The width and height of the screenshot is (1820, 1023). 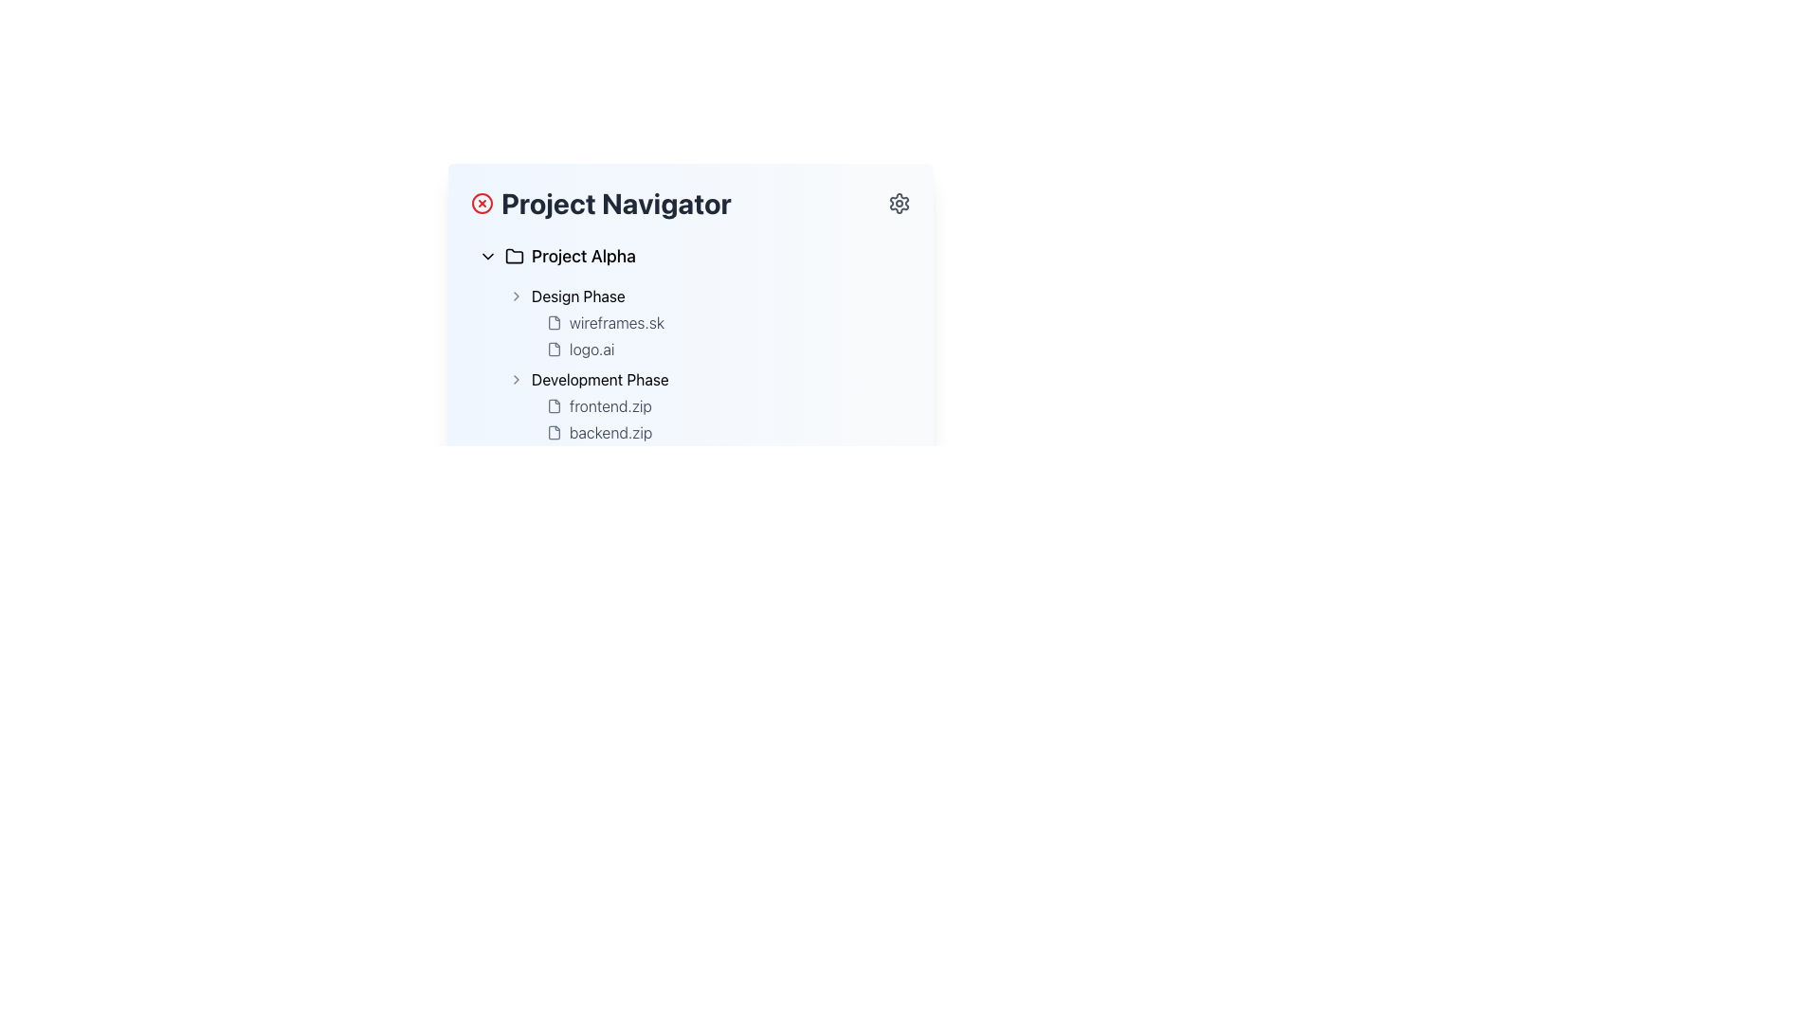 I want to click on the Text Label that serves as a title or heading for the current section, located centrally at the top of the section, directly to the right of a red circular icon with an 'X', so click(x=600, y=204).